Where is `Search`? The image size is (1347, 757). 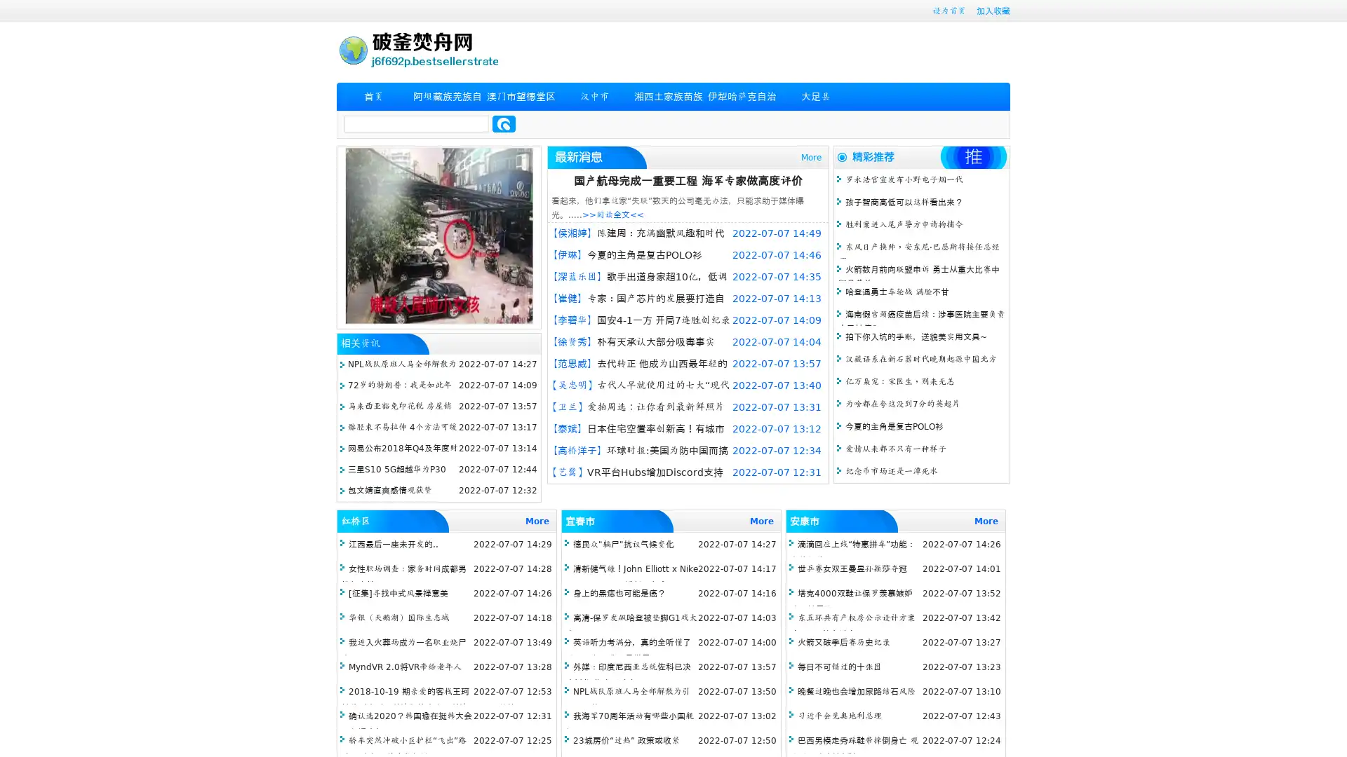
Search is located at coordinates (504, 123).